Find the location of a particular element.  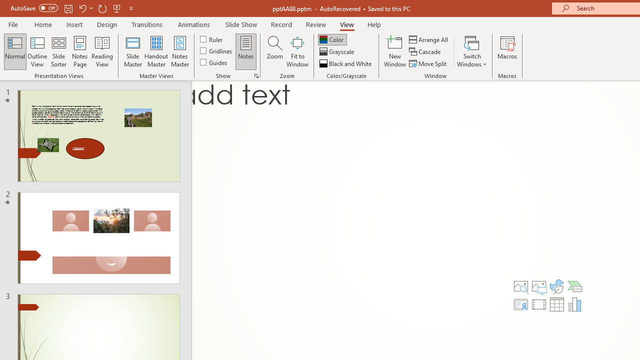

'Cascade' is located at coordinates (425, 51).